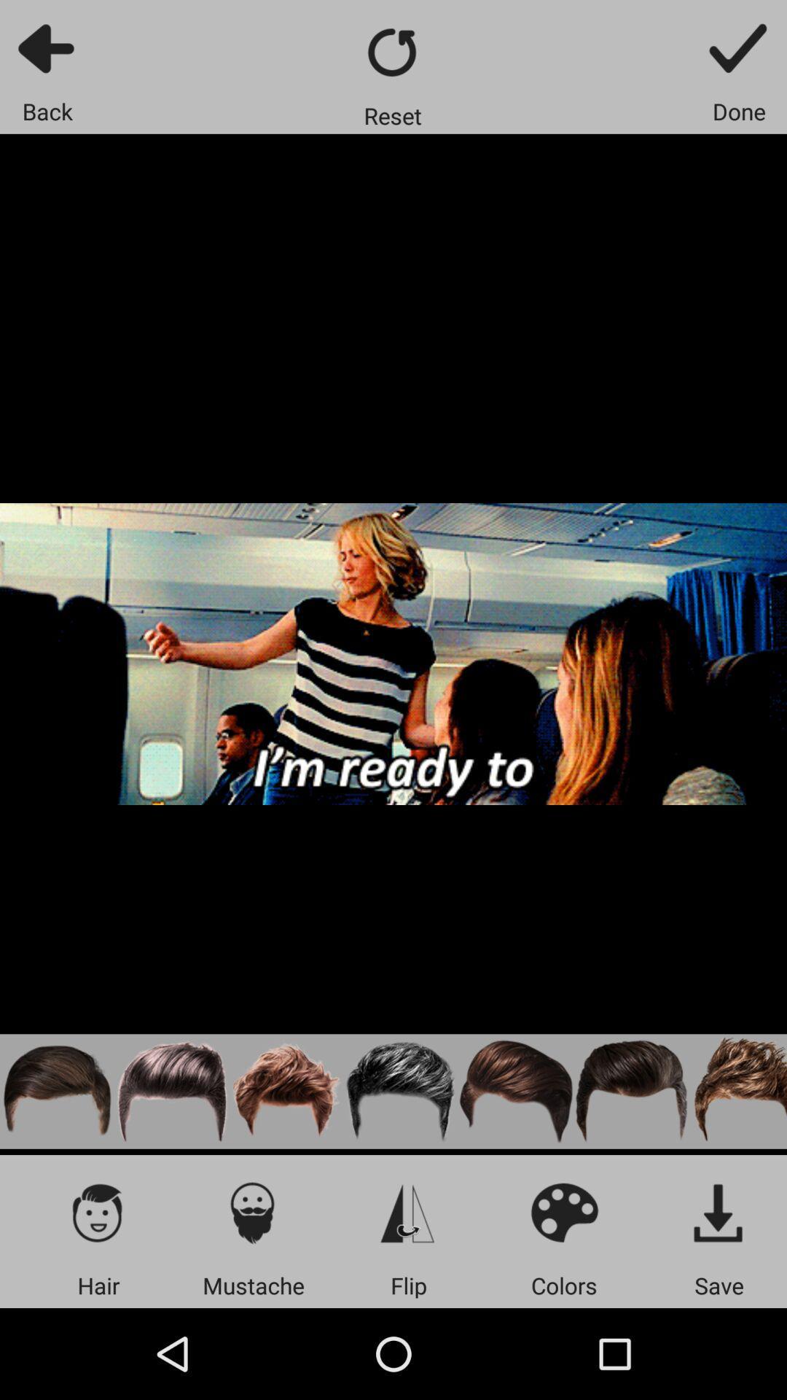  What do you see at coordinates (516, 1092) in the screenshot?
I see `the third image from the right side bottom of the page` at bounding box center [516, 1092].